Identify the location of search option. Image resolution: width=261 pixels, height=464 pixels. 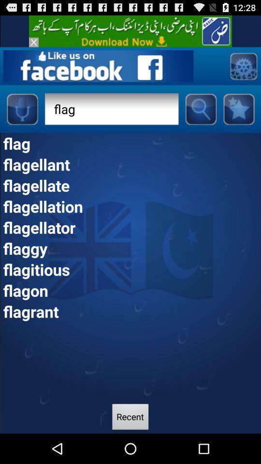
(200, 109).